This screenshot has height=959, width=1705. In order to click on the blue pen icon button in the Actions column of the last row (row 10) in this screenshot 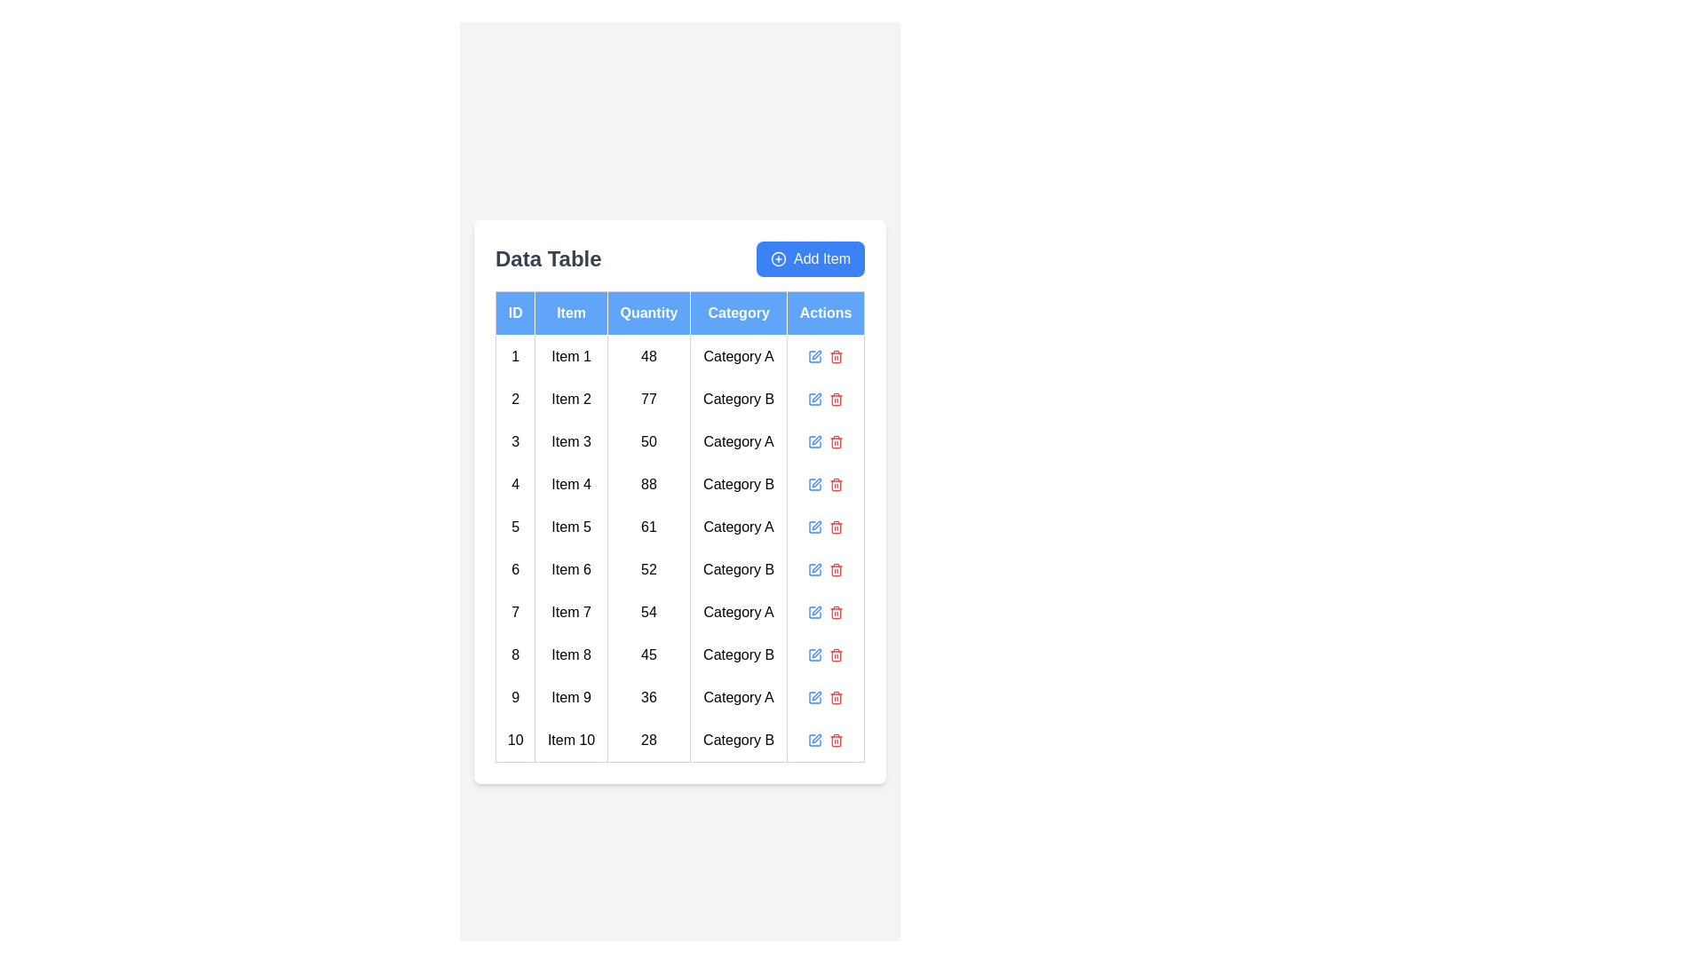, I will do `click(814, 740)`.